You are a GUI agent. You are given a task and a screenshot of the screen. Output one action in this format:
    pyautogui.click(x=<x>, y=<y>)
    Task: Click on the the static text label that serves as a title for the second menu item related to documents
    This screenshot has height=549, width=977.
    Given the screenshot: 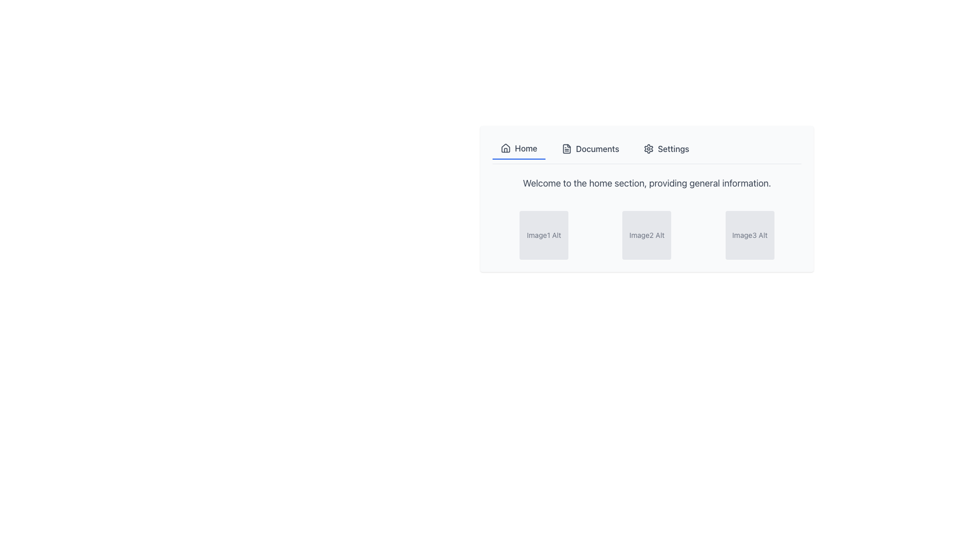 What is the action you would take?
    pyautogui.click(x=597, y=149)
    